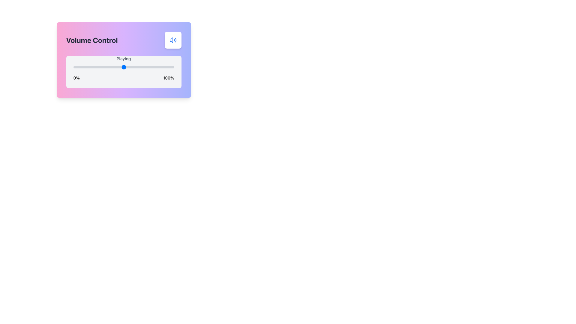 Image resolution: width=576 pixels, height=324 pixels. What do you see at coordinates (102, 67) in the screenshot?
I see `the slider` at bounding box center [102, 67].